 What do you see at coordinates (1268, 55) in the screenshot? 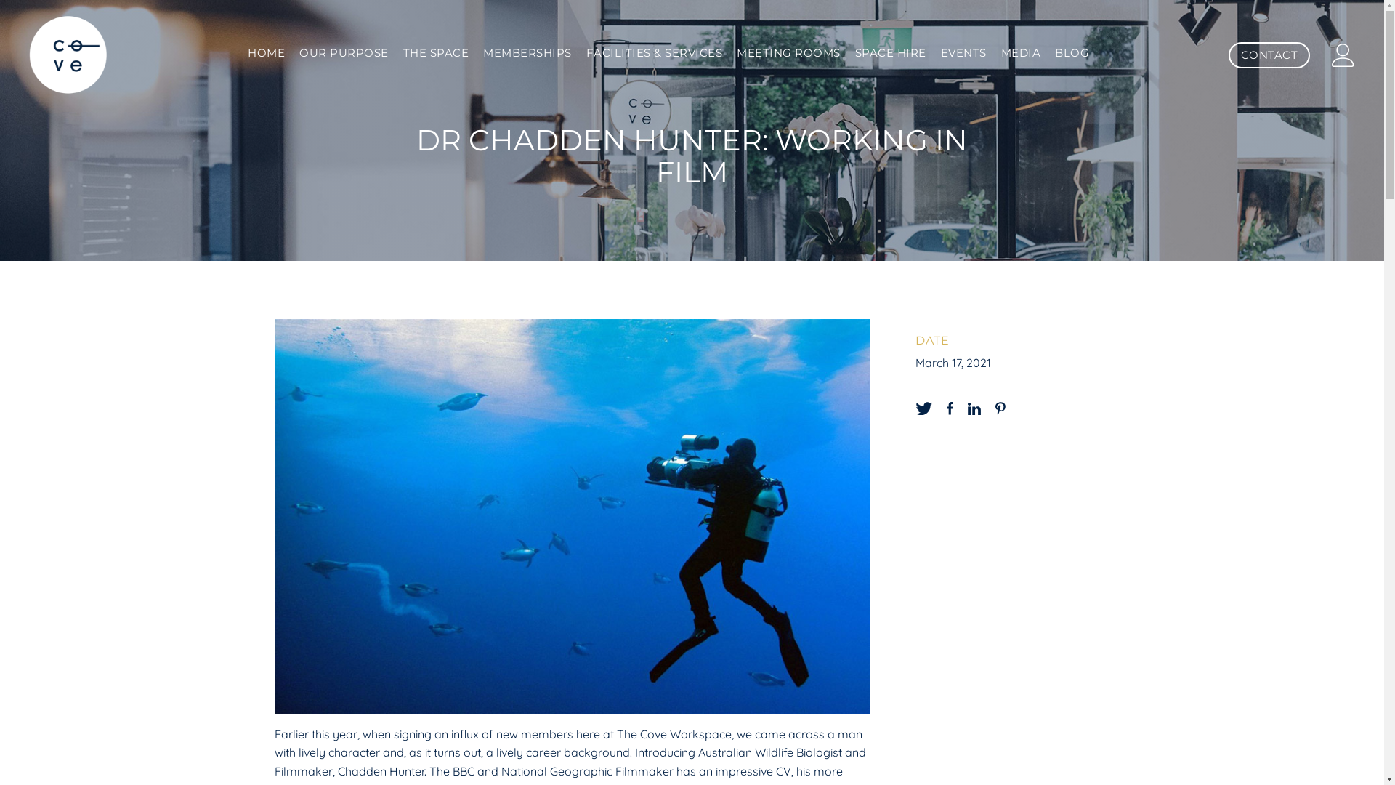
I see `'CONTACT'` at bounding box center [1268, 55].